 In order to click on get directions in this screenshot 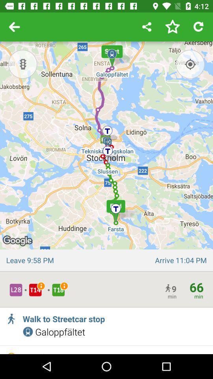, I will do `click(190, 64)`.